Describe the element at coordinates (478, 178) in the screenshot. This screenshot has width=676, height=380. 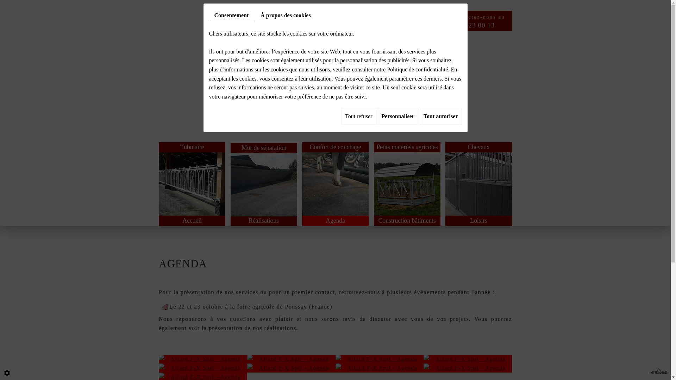
I see `'Chevaux'` at that location.